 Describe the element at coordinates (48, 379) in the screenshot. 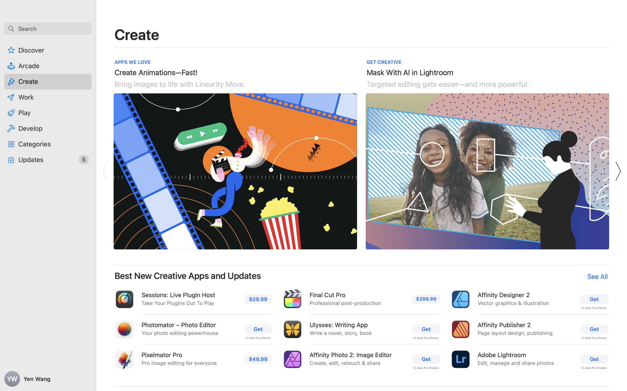

I see `'Yen Wang'` at that location.